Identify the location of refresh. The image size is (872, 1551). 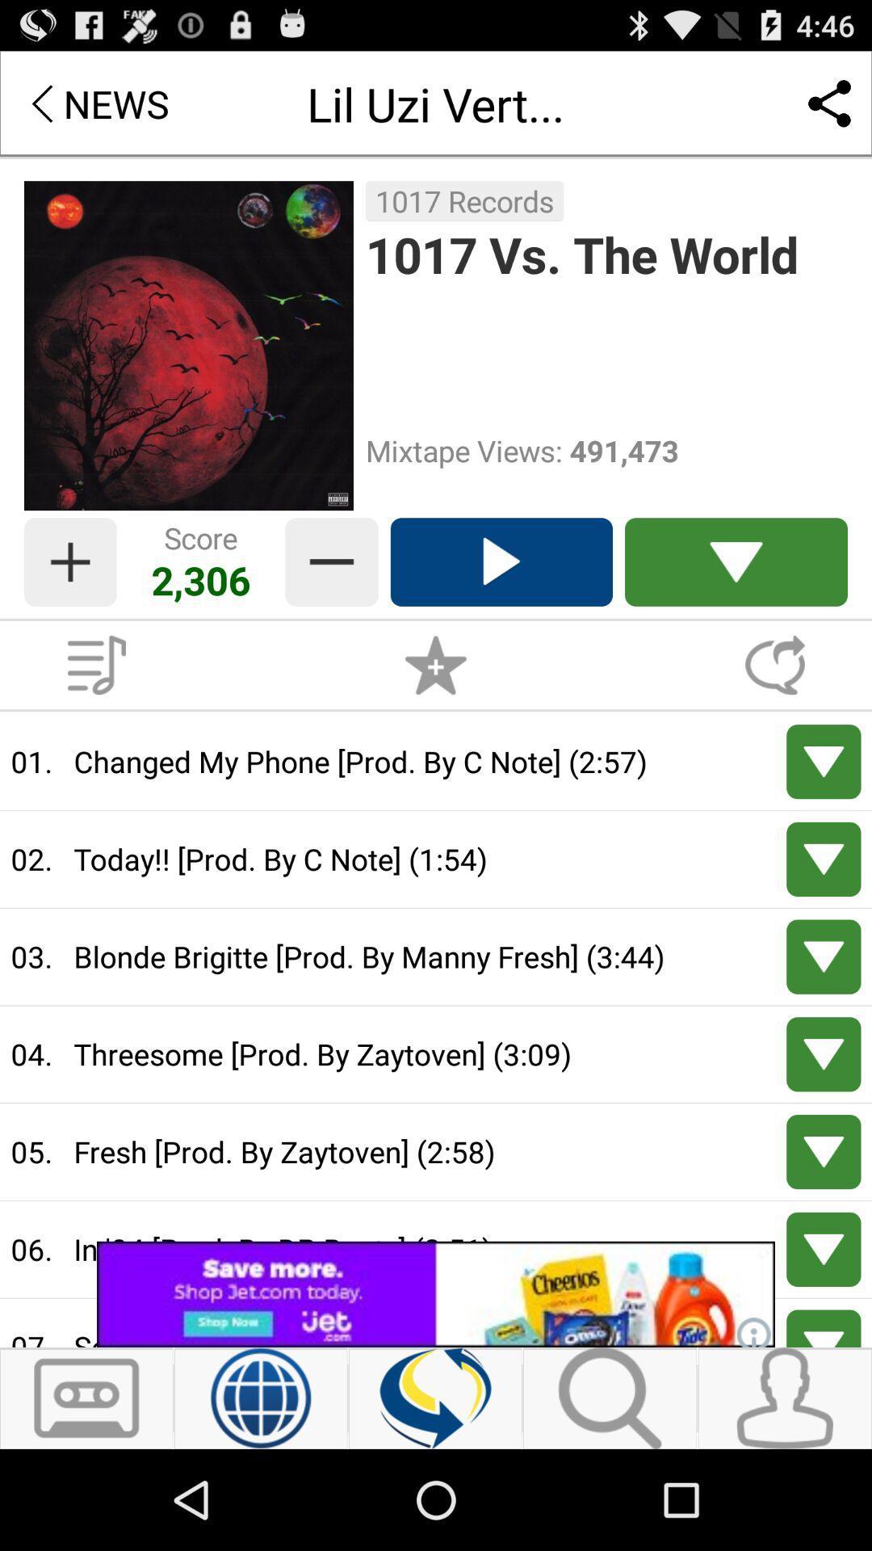
(434, 1398).